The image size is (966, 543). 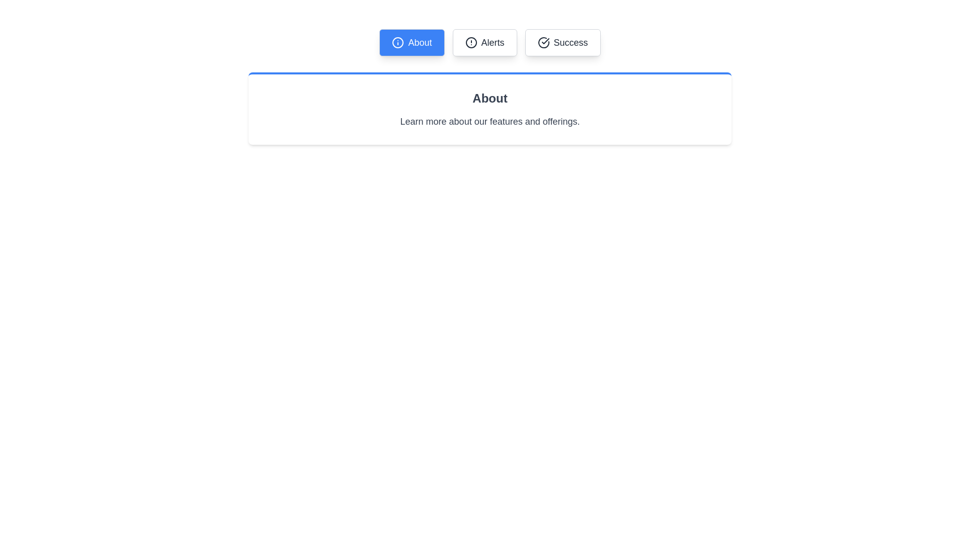 What do you see at coordinates (397, 42) in the screenshot?
I see `information icon located inside the 'About' button at the top left corner of the interface to view its details` at bounding box center [397, 42].